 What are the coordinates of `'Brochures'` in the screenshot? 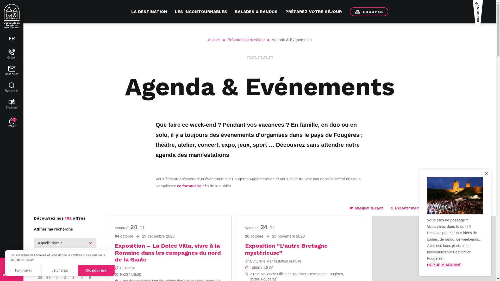 It's located at (4, 104).